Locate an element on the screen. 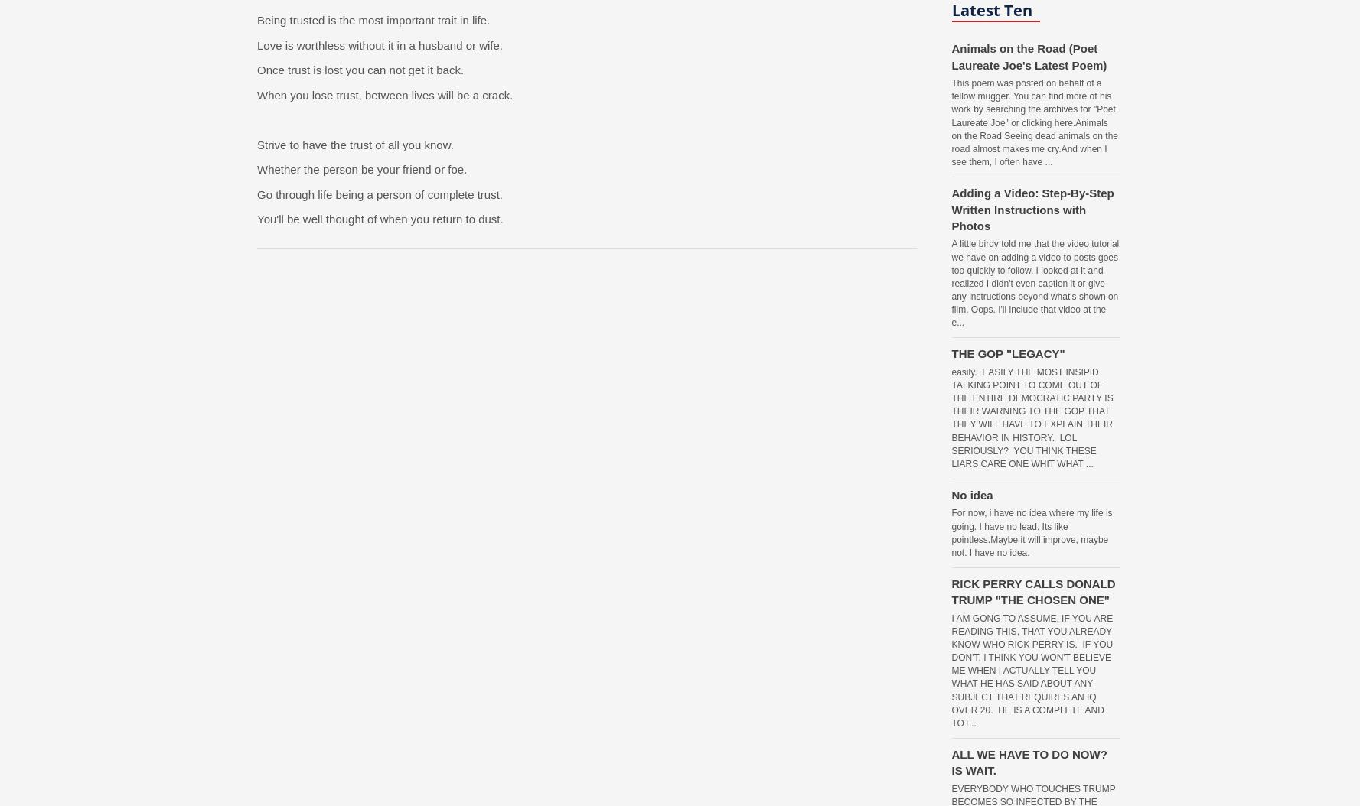  'Being trusted is the most important trait in life.' is located at coordinates (373, 20).